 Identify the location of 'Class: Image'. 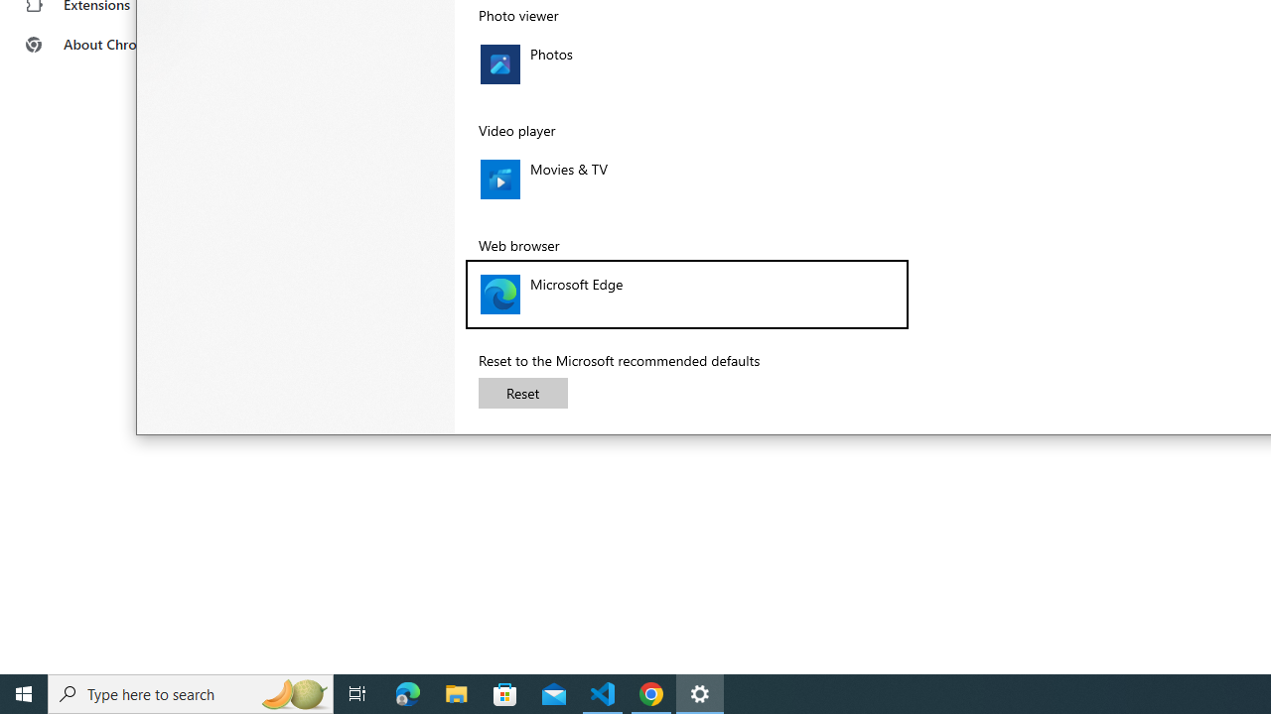
(499, 295).